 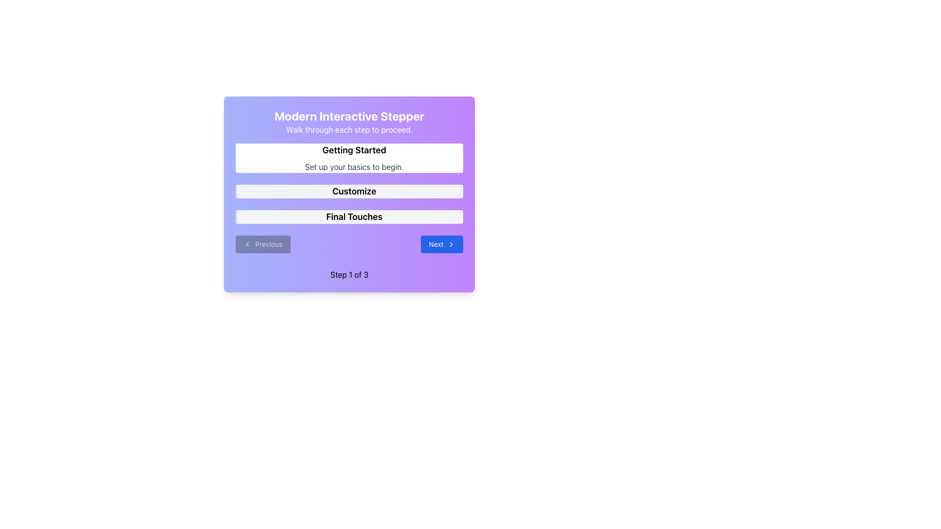 What do you see at coordinates (349, 158) in the screenshot?
I see `the textual header block that serves as the first step of the interactive guide, providing an overview for setting up the basics` at bounding box center [349, 158].